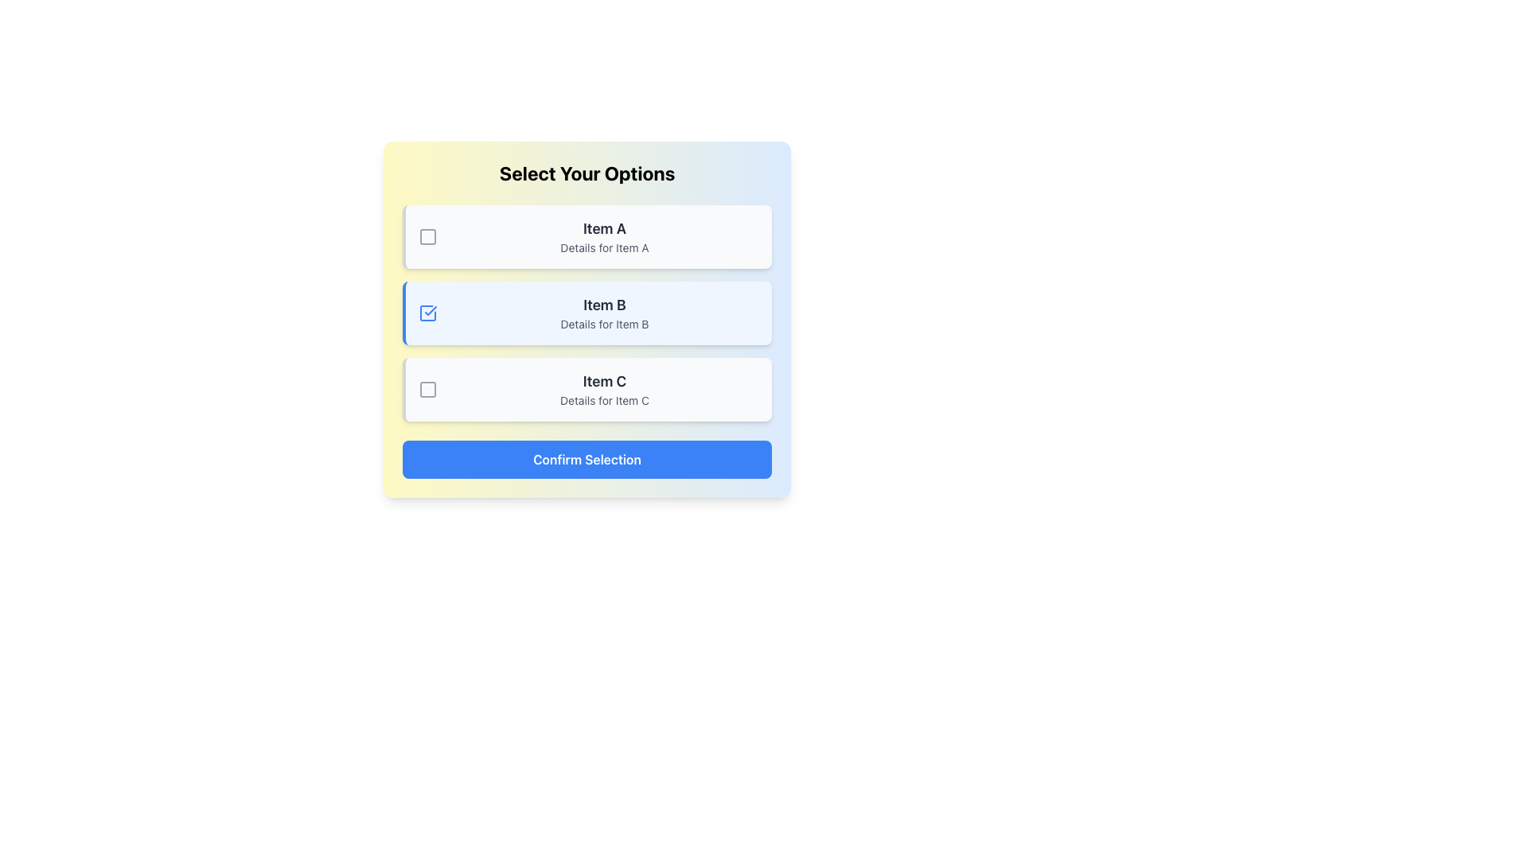 This screenshot has width=1528, height=859. What do you see at coordinates (603, 313) in the screenshot?
I see `text content displayed in the text area for 'Item B' which includes the title and description, located in the middle of a vertical group of options` at bounding box center [603, 313].